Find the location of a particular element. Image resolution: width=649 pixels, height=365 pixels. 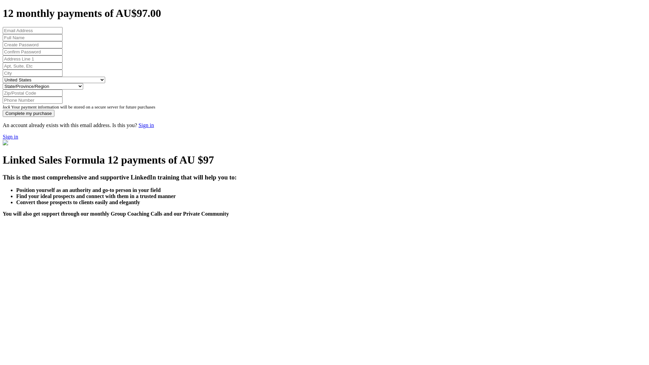

'Complete my purchase' is located at coordinates (28, 113).